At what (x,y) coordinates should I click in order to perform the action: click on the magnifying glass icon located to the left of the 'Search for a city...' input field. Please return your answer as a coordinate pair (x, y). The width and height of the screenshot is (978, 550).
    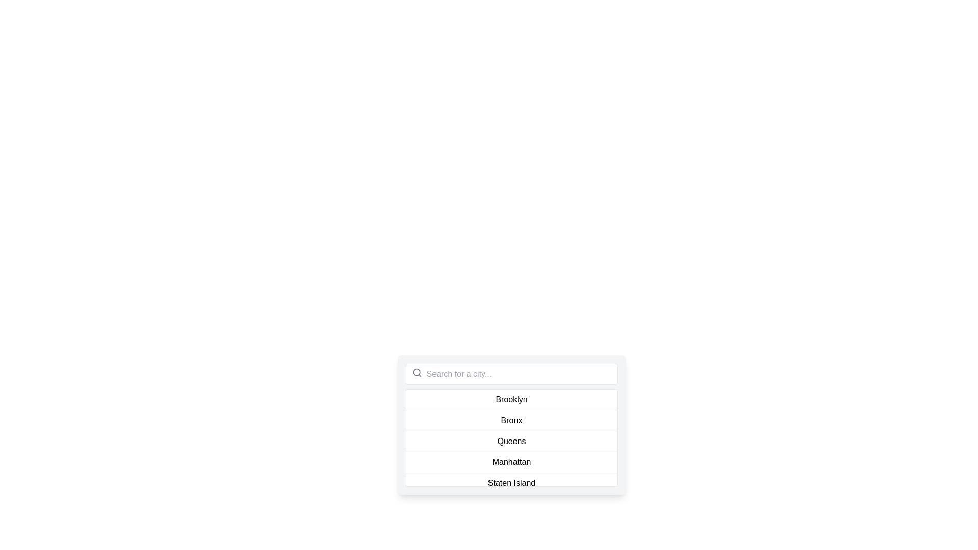
    Looking at the image, I should click on (417, 373).